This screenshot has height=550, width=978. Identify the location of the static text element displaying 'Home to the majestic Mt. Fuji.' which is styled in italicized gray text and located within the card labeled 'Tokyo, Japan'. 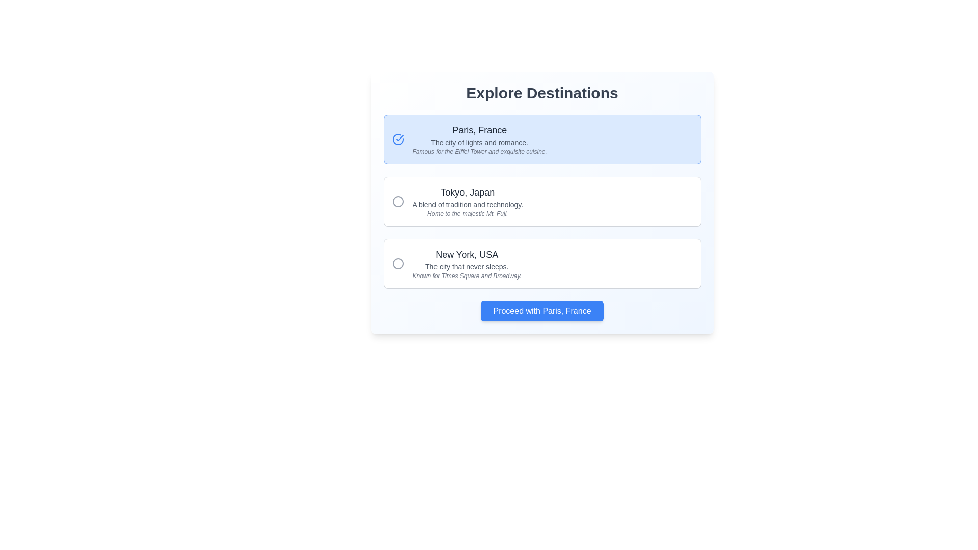
(467, 213).